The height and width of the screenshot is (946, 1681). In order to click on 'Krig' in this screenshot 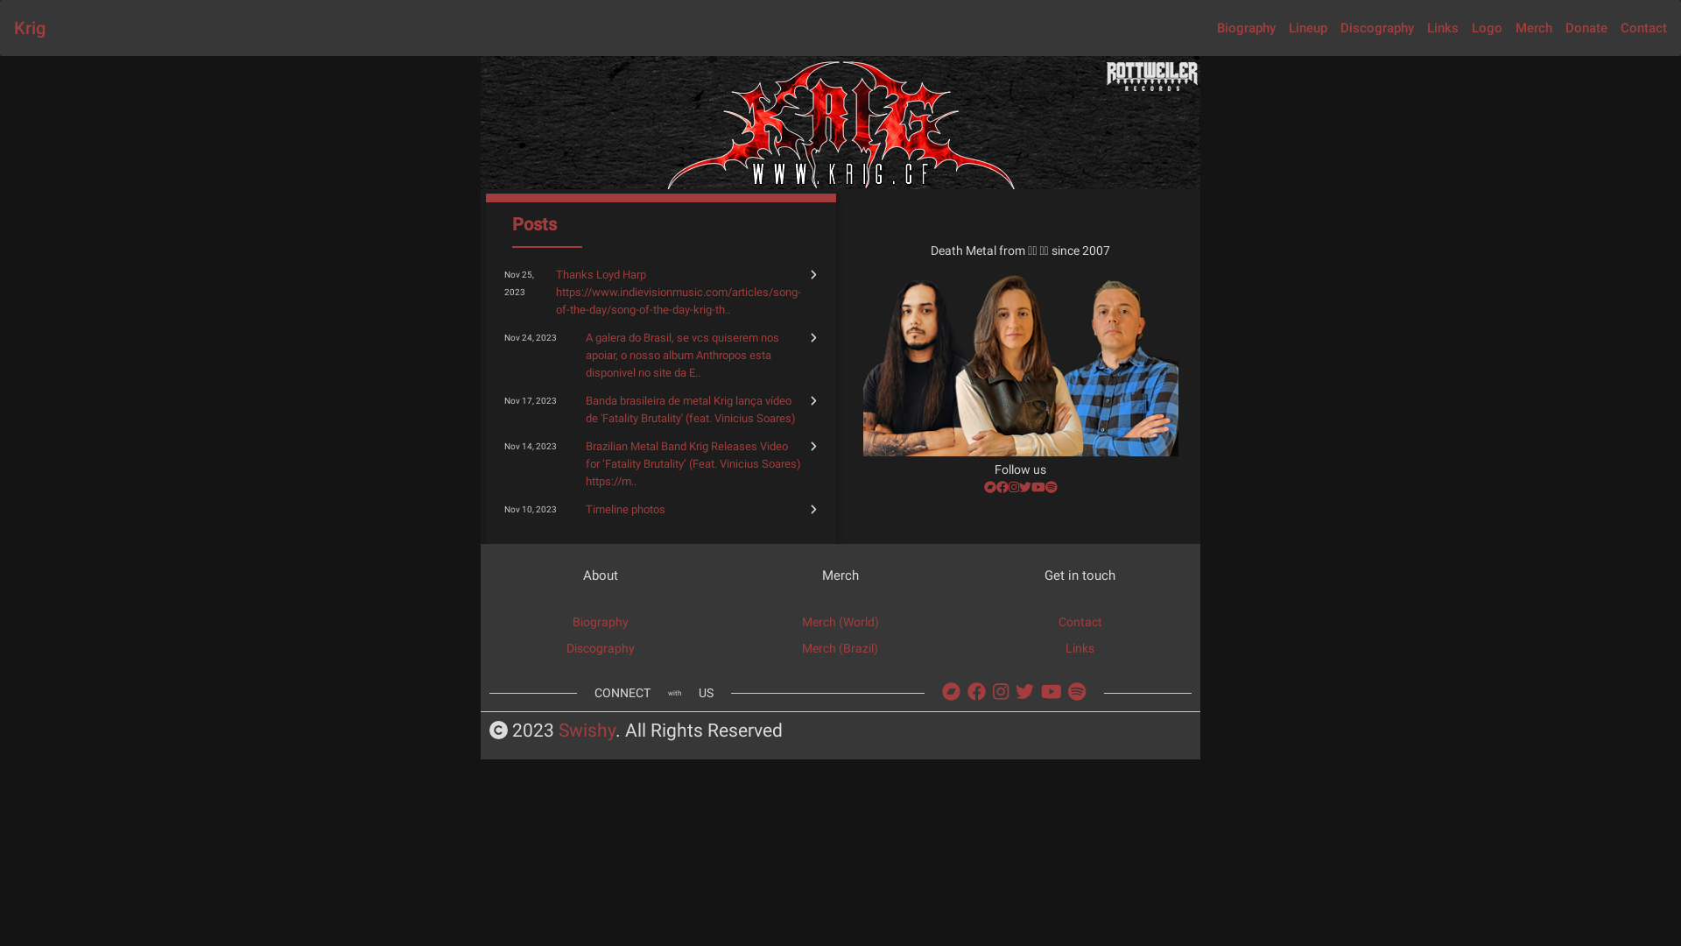, I will do `click(29, 27)`.